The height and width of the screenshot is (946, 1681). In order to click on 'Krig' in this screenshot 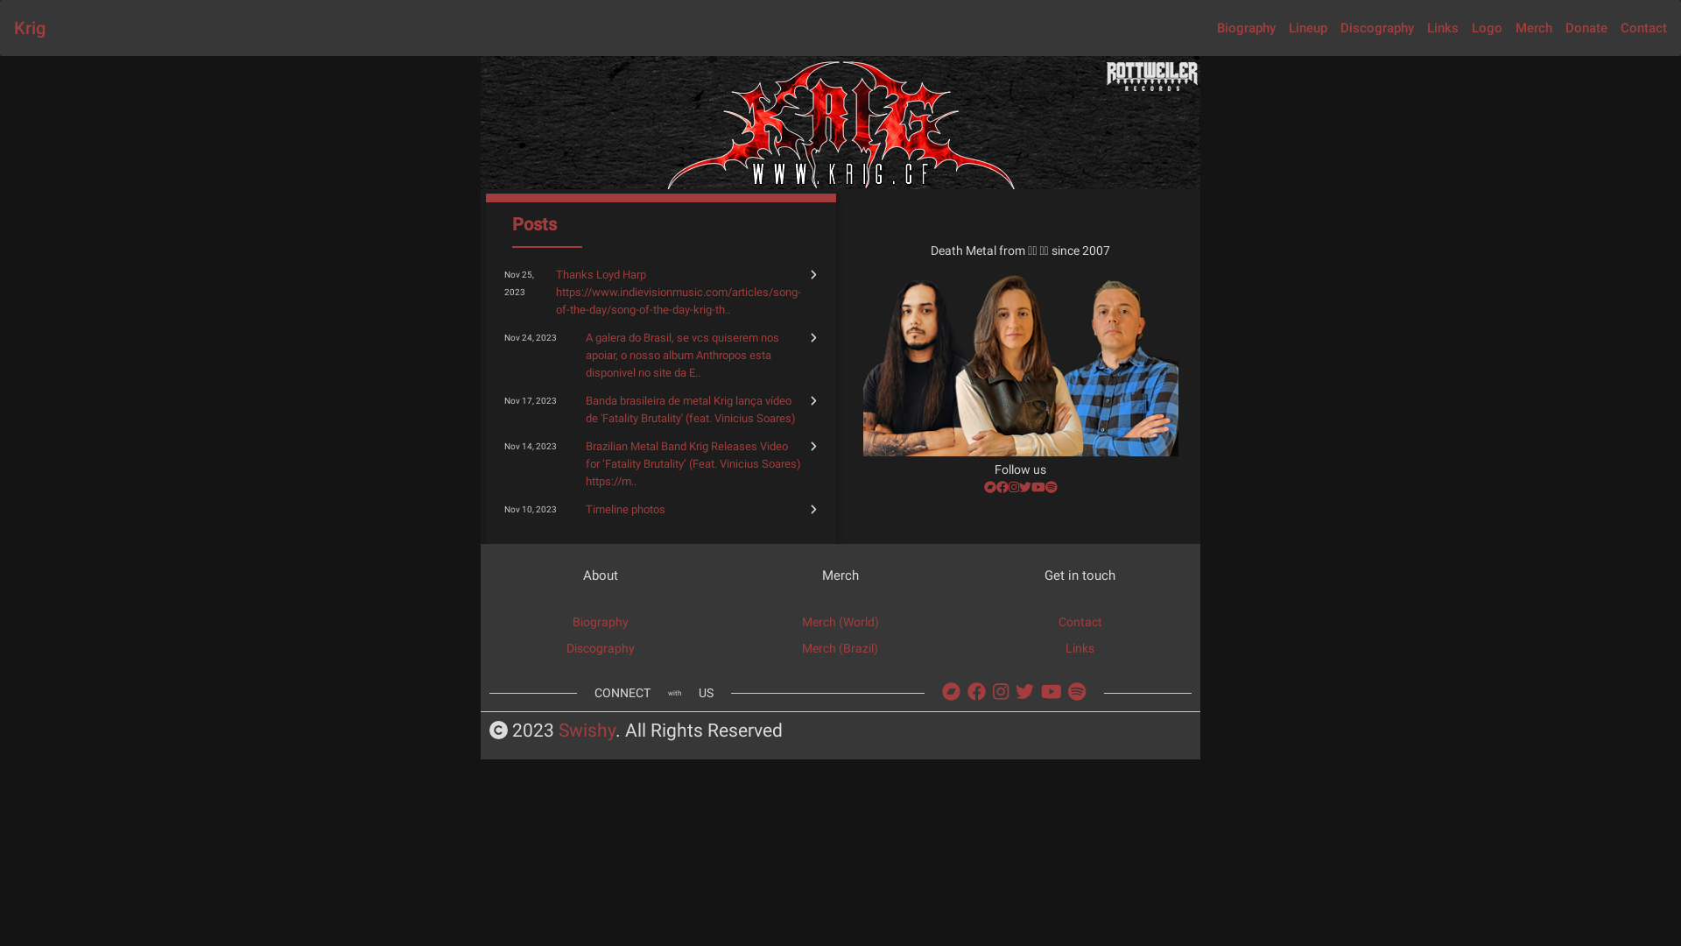, I will do `click(29, 27)`.